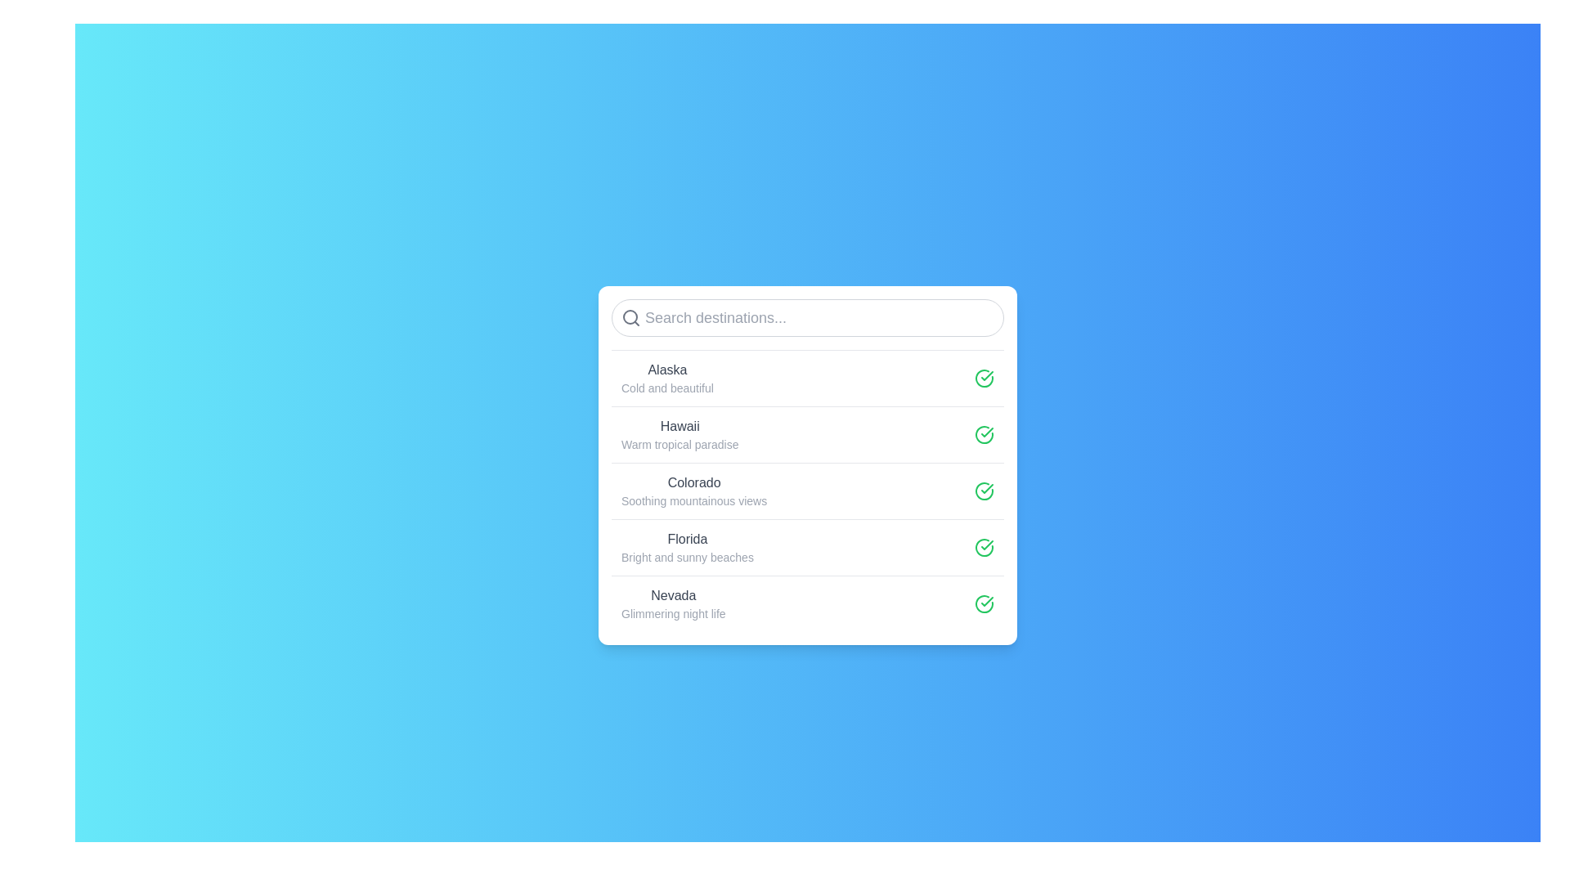 This screenshot has height=883, width=1570. I want to click on the text label identifying the destination 'Colorado' to receive interaction feedback, so click(694, 482).